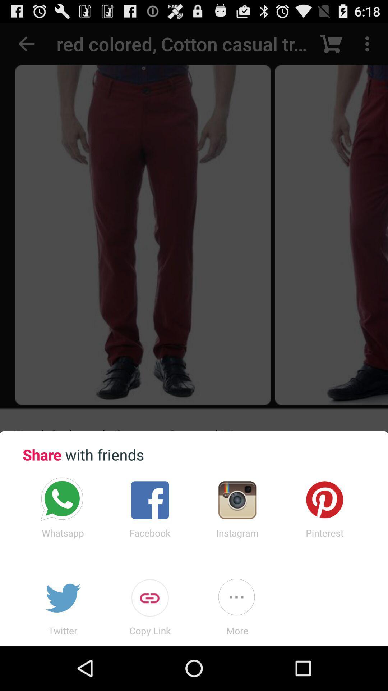  I want to click on item above share with friends, so click(194, 226).